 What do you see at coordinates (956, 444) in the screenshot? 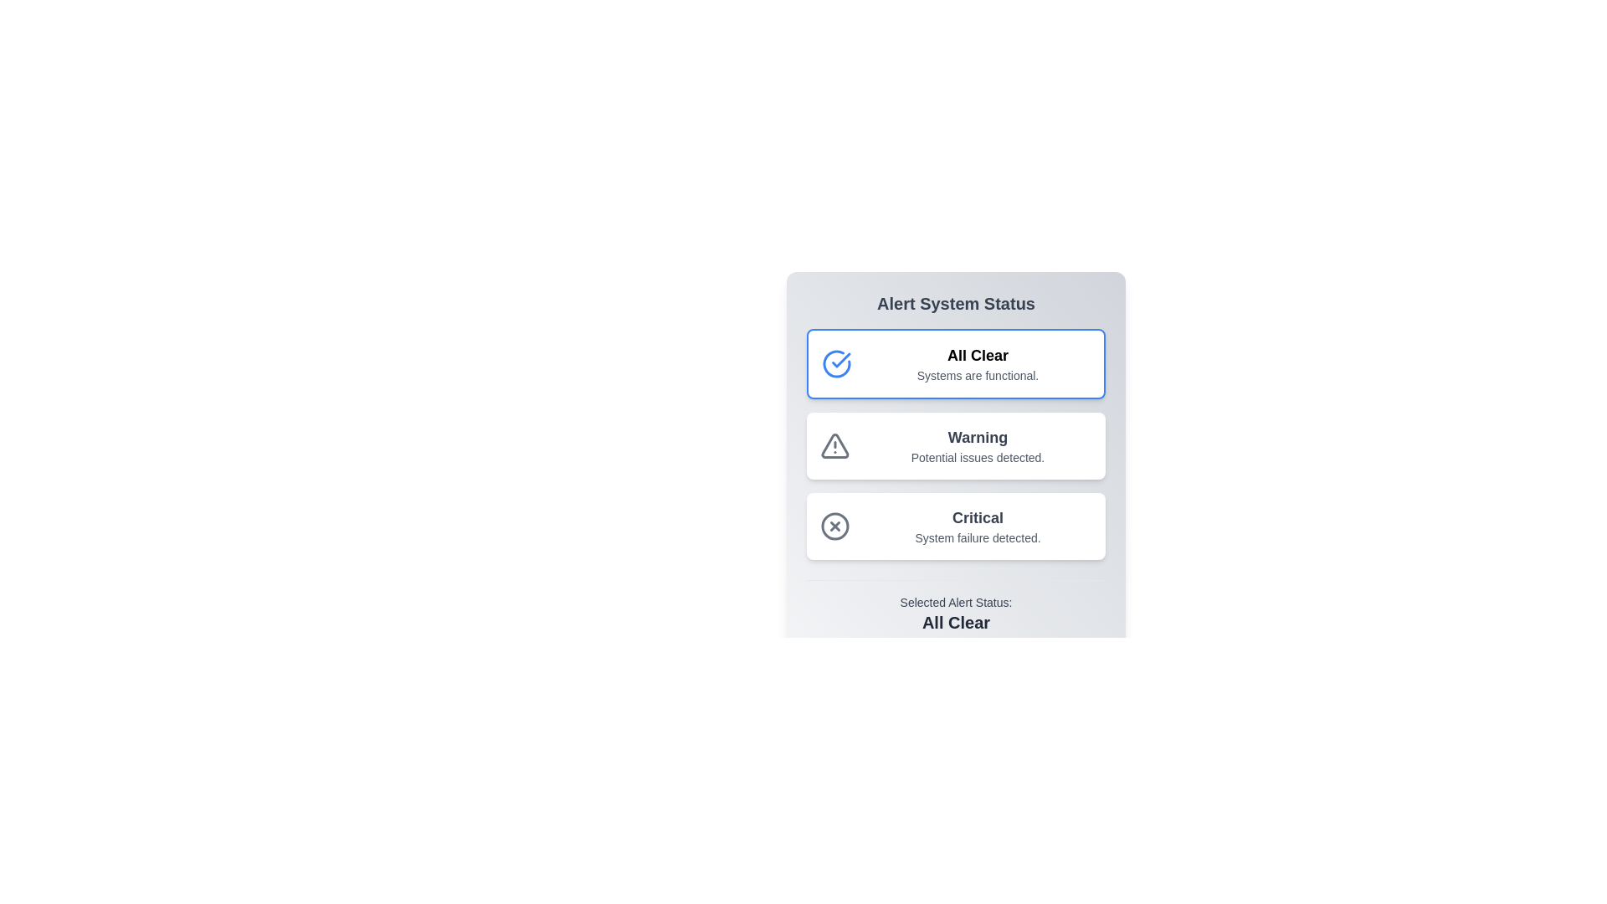
I see `the 'Warning' selectable list item representing an alert status option, which displays the text 'Warning' in bold with a description 'Potential issues detected' below it` at bounding box center [956, 444].